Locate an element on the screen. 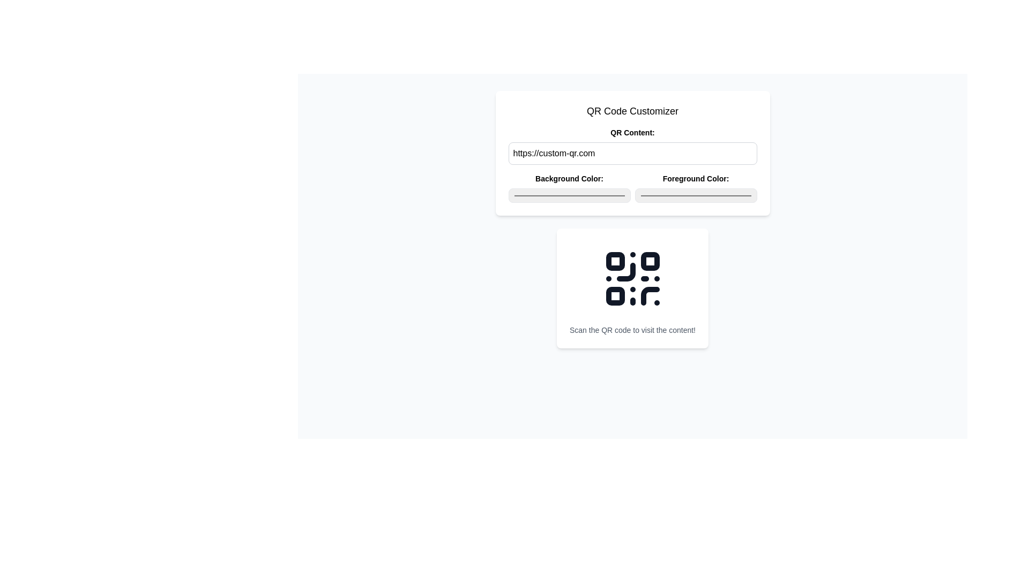 This screenshot has width=1029, height=578. the label indicating the purpose of the foreground color selection input field, which is located to the right of the 'Background Color:' label and above the color input field for 'Foreground Color:' is located at coordinates (696, 178).